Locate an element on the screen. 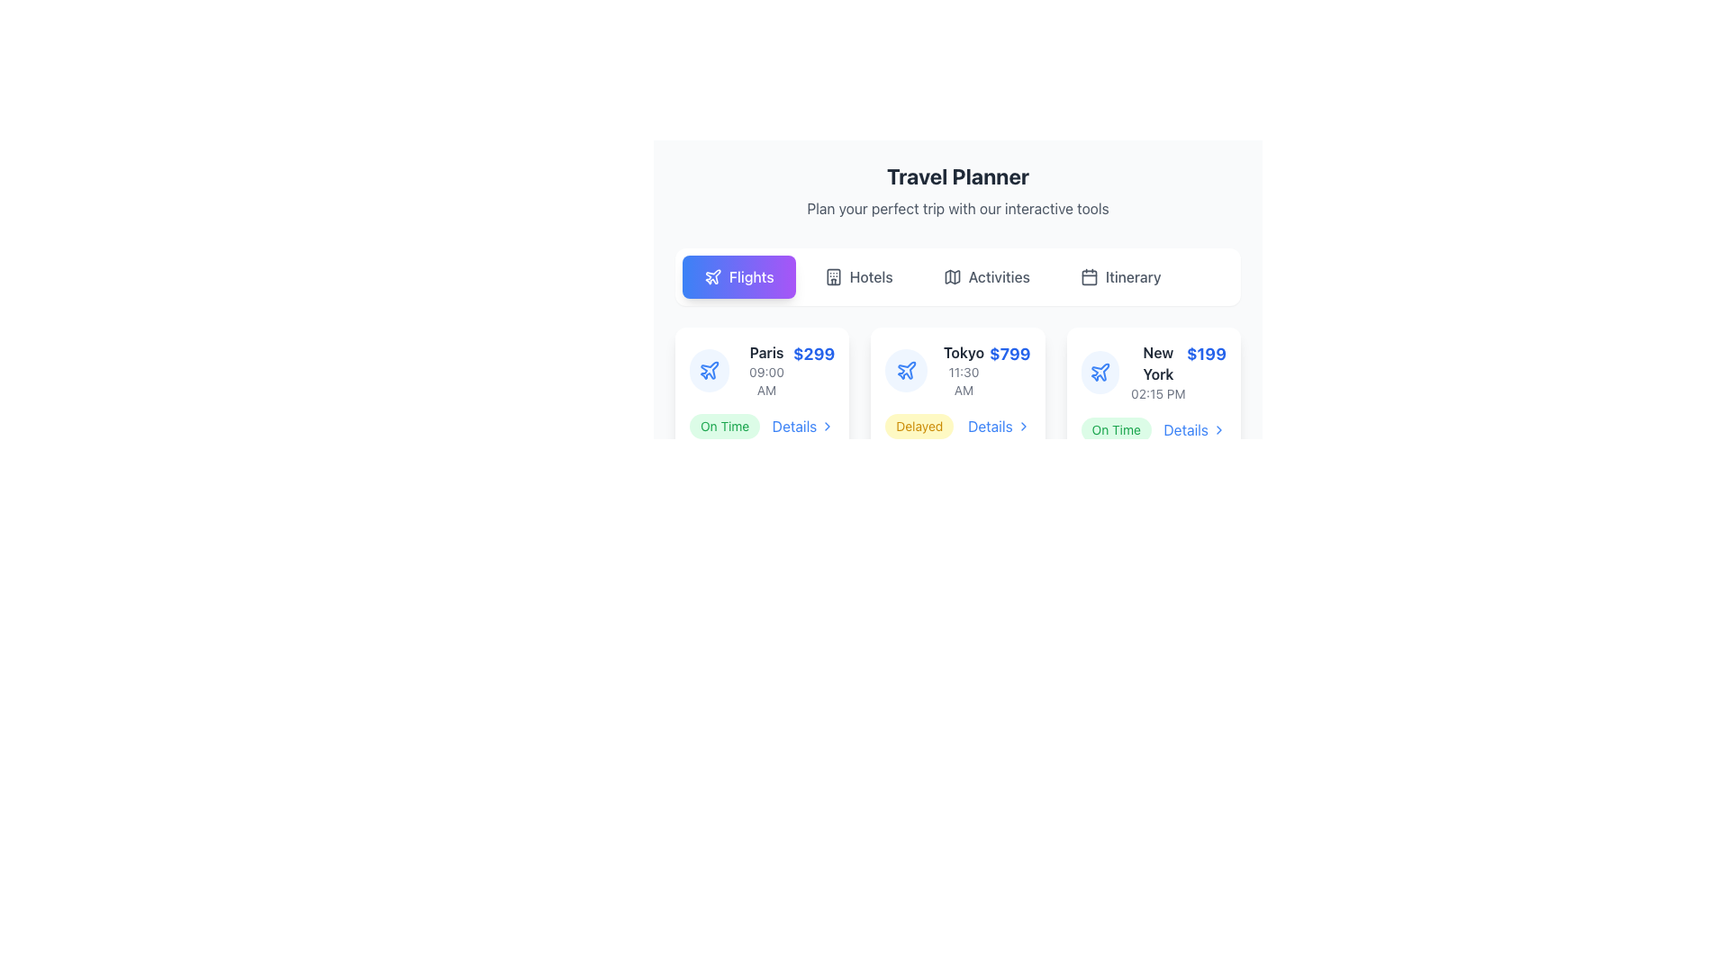 Image resolution: width=1729 pixels, height=972 pixels. the Flight information card located in the top-left corner under the 'Flights' category is located at coordinates (762, 370).